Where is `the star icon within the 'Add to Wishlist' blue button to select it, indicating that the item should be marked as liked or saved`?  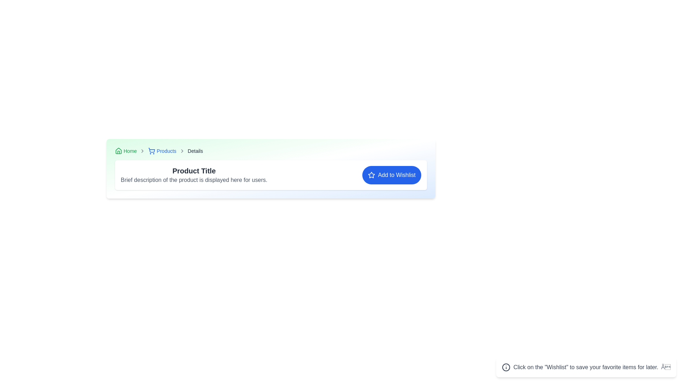
the star icon within the 'Add to Wishlist' blue button to select it, indicating that the item should be marked as liked or saved is located at coordinates (371, 175).